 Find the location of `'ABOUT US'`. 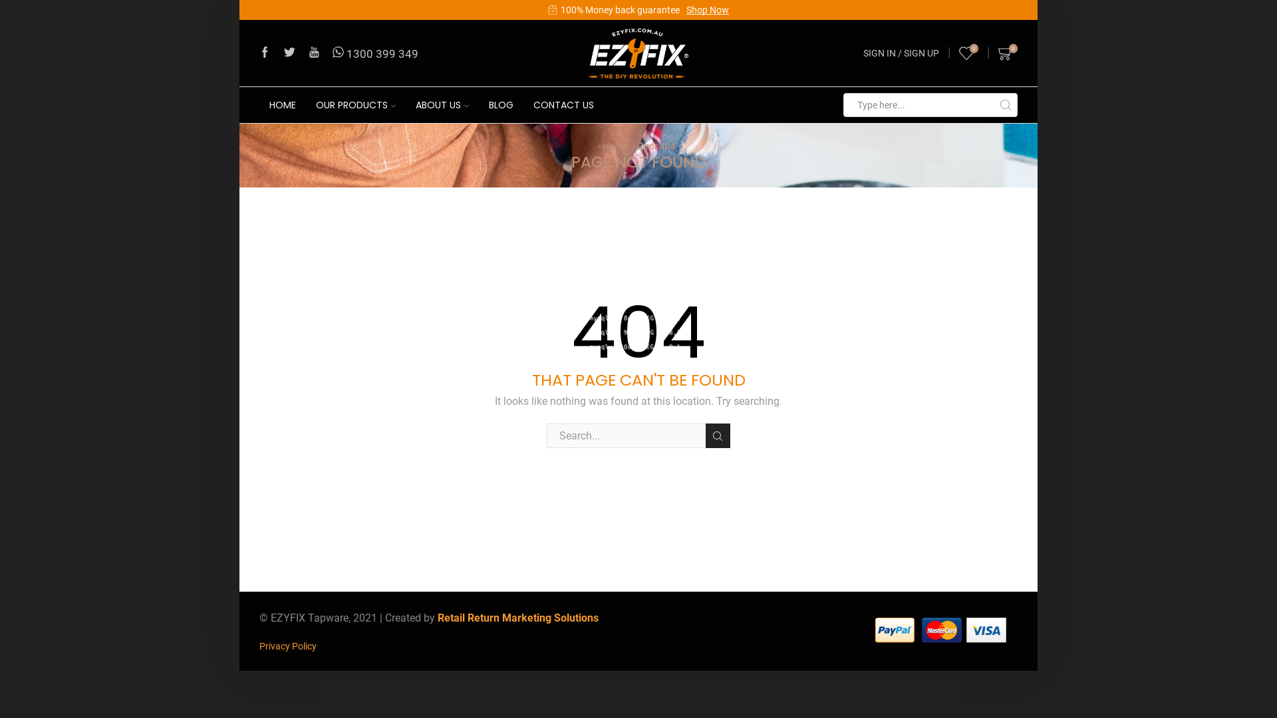

'ABOUT US' is located at coordinates (442, 104).